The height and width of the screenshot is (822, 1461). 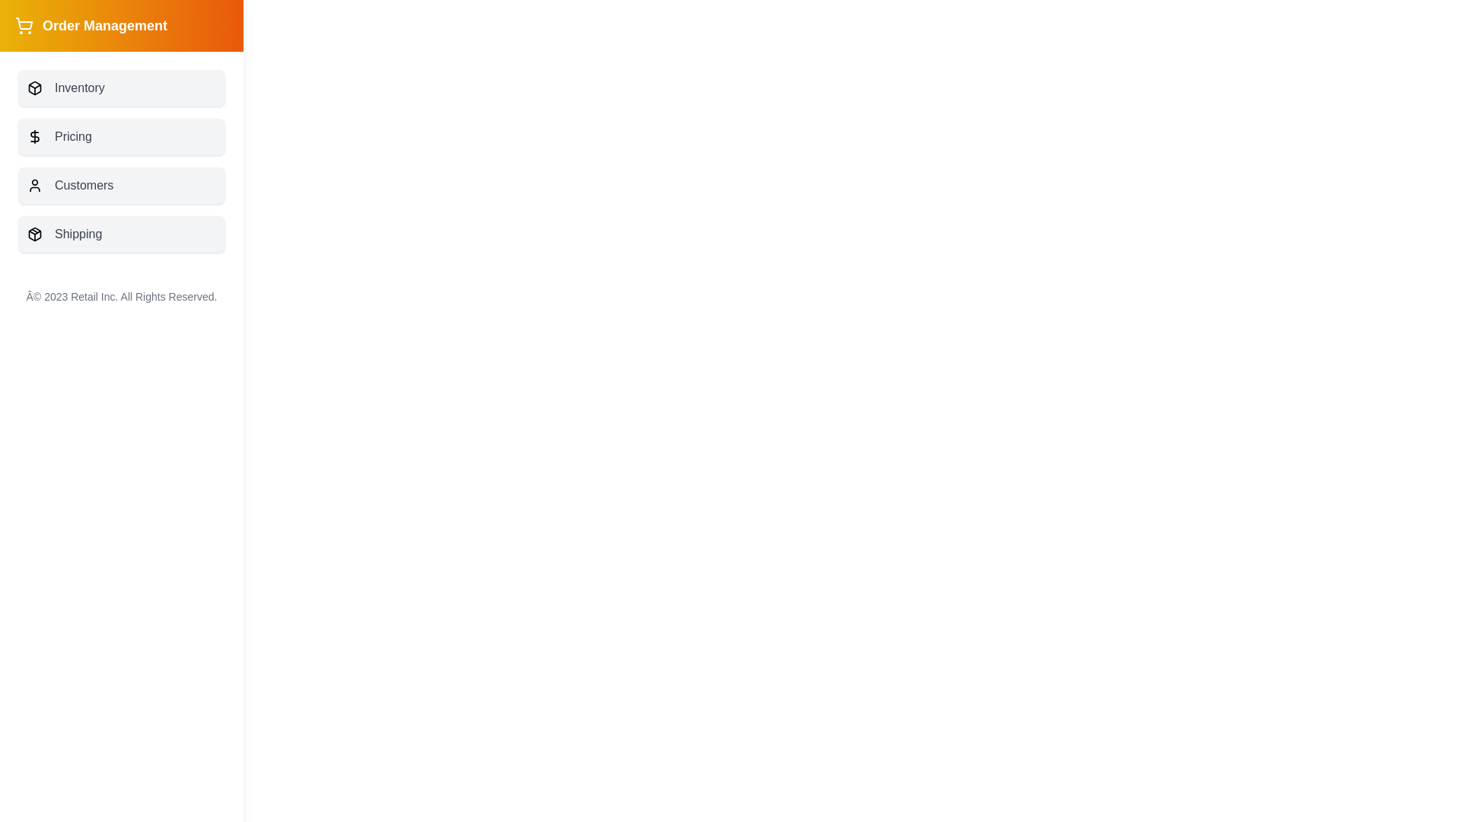 I want to click on the menu item labeled Shipping, so click(x=120, y=234).